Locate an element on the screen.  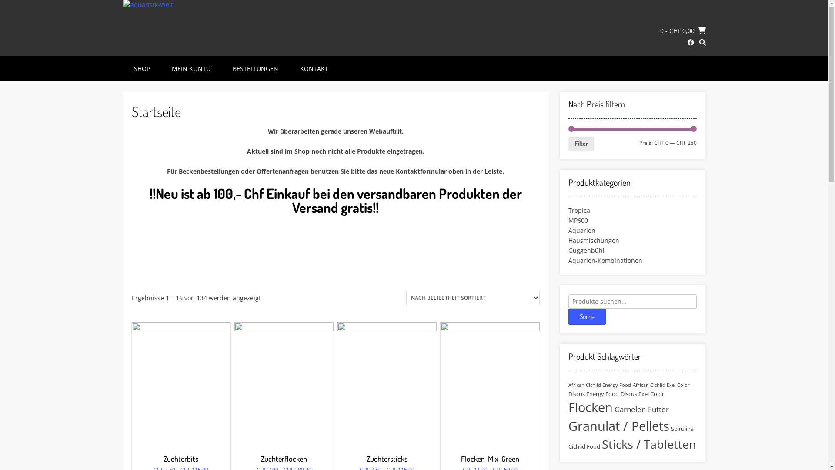
'Aquarien-Kombinationen' is located at coordinates (605, 259).